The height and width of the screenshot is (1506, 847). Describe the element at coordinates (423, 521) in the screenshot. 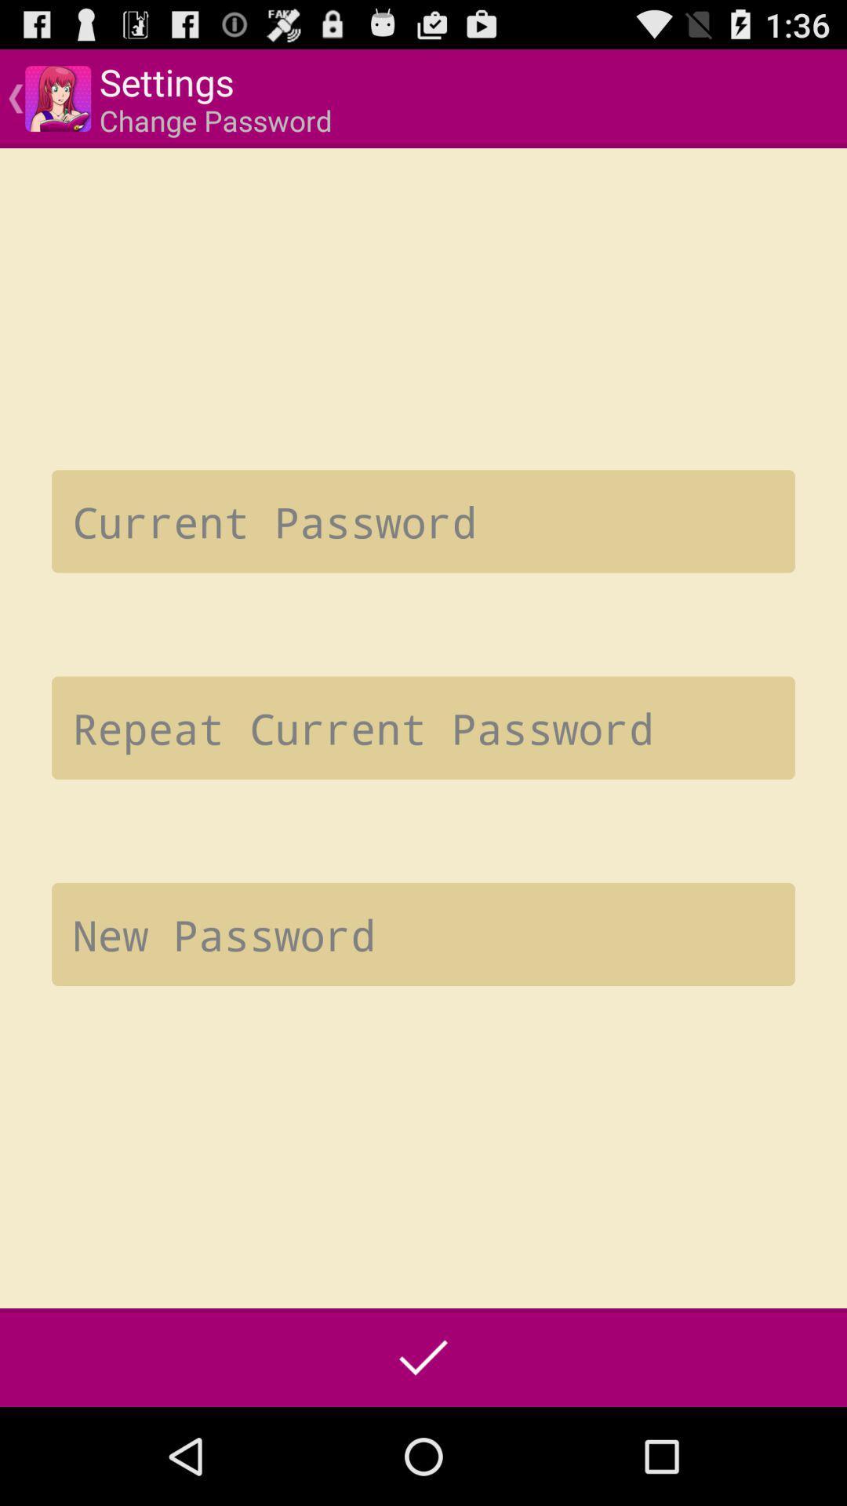

I see `current password` at that location.